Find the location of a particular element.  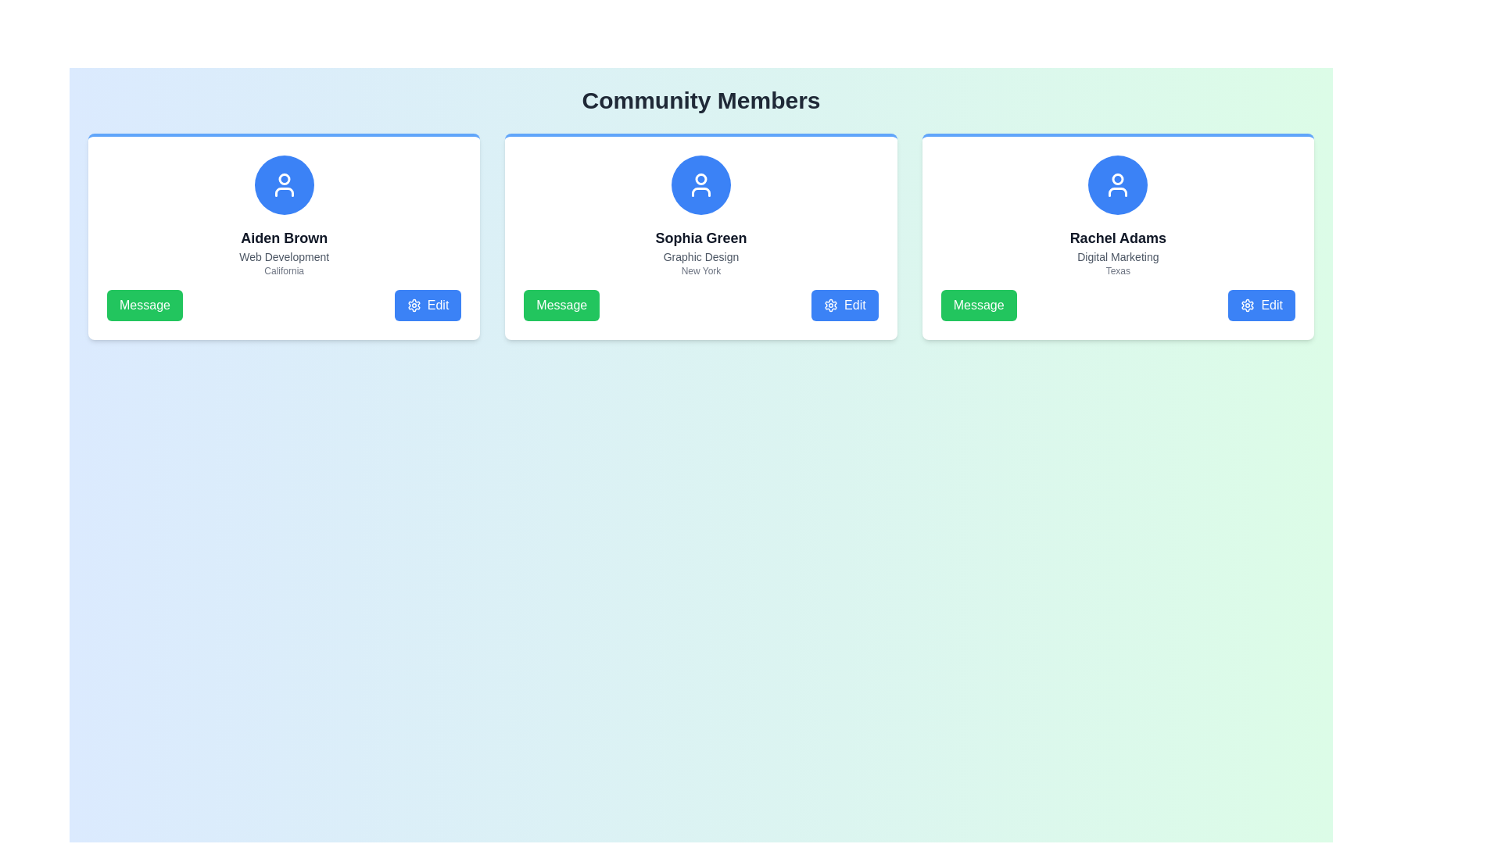

the text display indicating the location or affiliation state of the profile for 'Rachel Adams', positioned at the bottom of the profile card under 'Digital Marketing' is located at coordinates (1117, 270).